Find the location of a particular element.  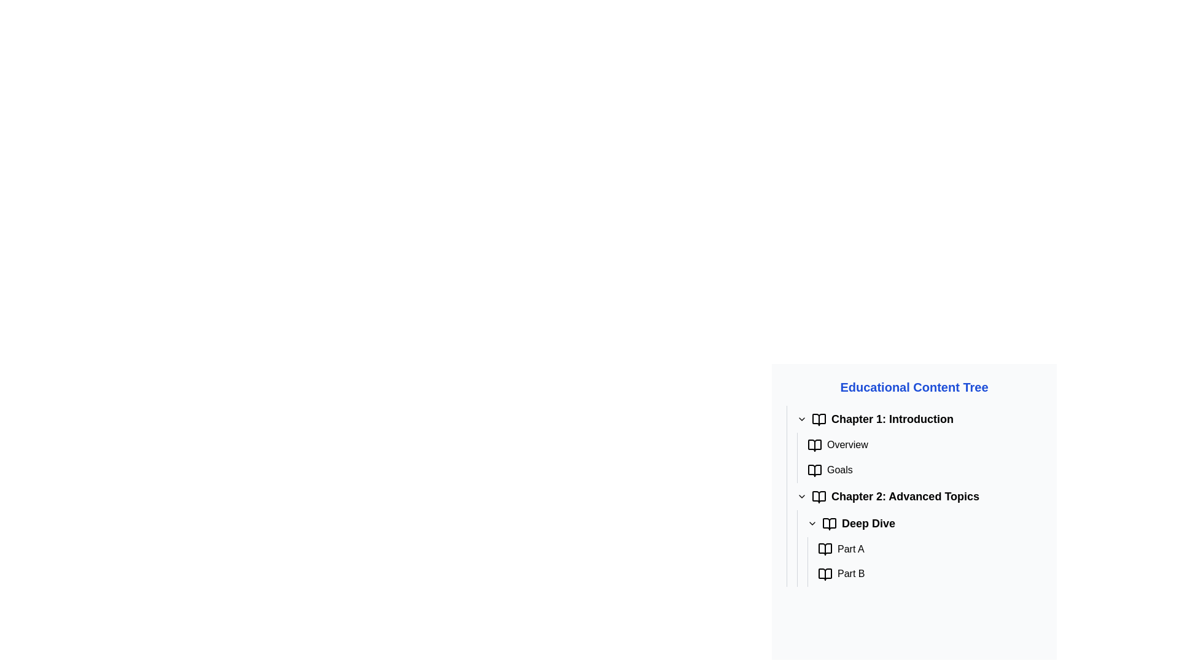

the open book icon located to the left of the 'Overview' text in the 'Educational Content Tree' under 'Chapter 1: Introduction' is located at coordinates (814, 445).